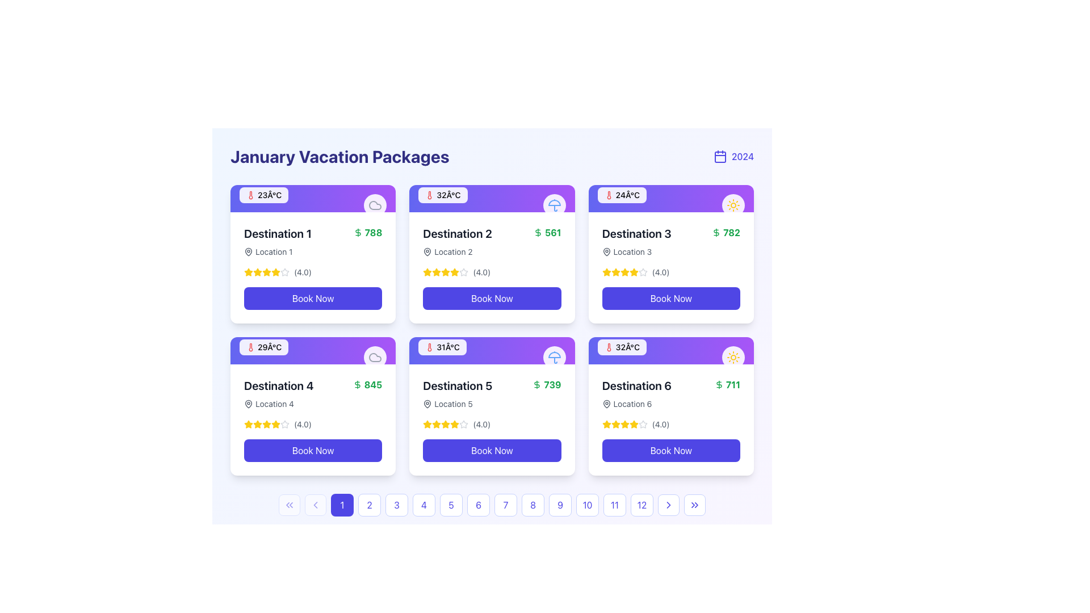  Describe the element at coordinates (447, 347) in the screenshot. I see `temperature value displayed in the text label showing '31°C' located in the bottom-left corner of the fifth vacation package card` at that location.